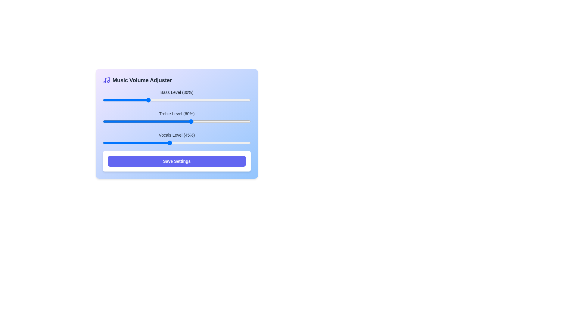 This screenshot has width=578, height=325. Describe the element at coordinates (142, 80) in the screenshot. I see `the text element that serves as a title or heading for the music volume settings, located at the top of the interface, horizontally centered and following a musical note icon` at that location.